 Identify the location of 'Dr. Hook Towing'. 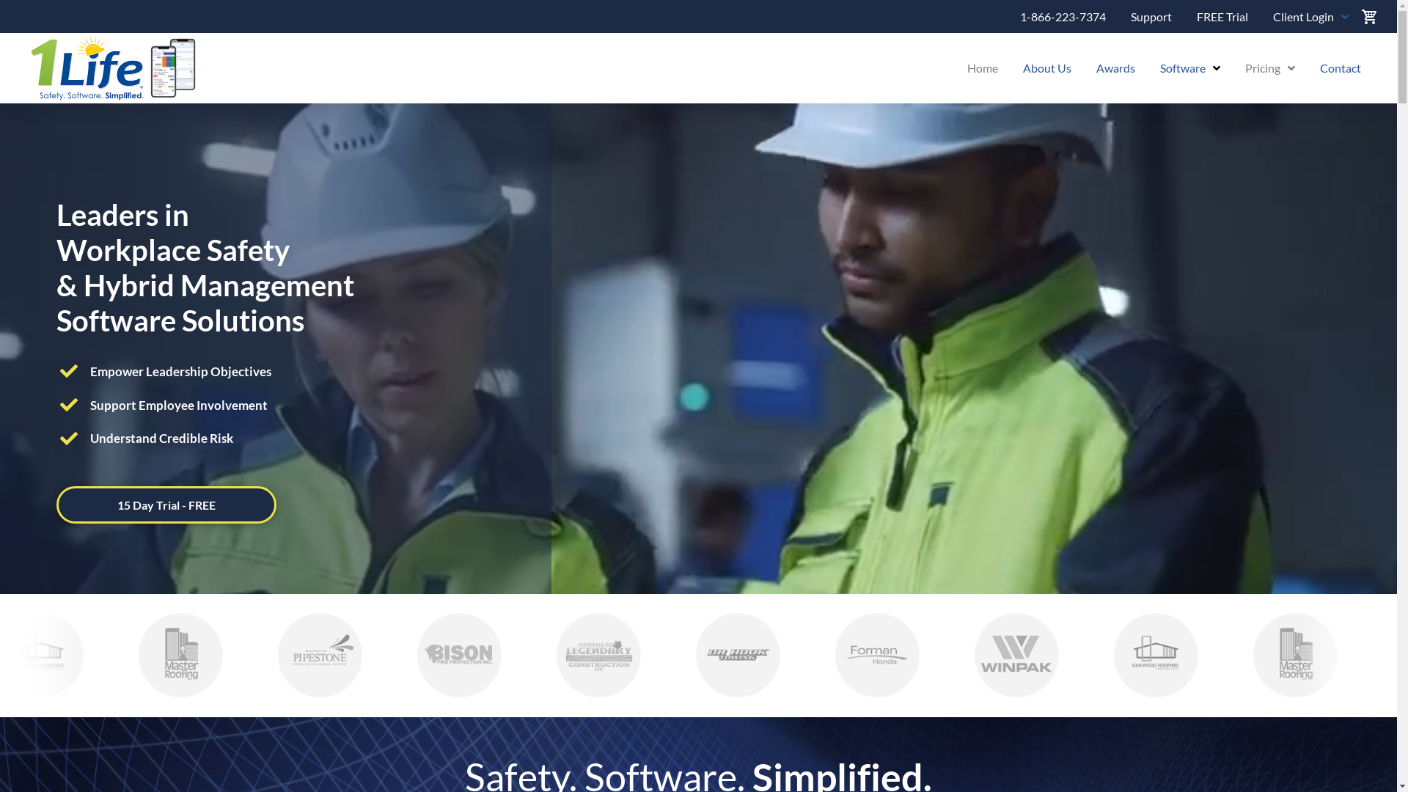
(708, 654).